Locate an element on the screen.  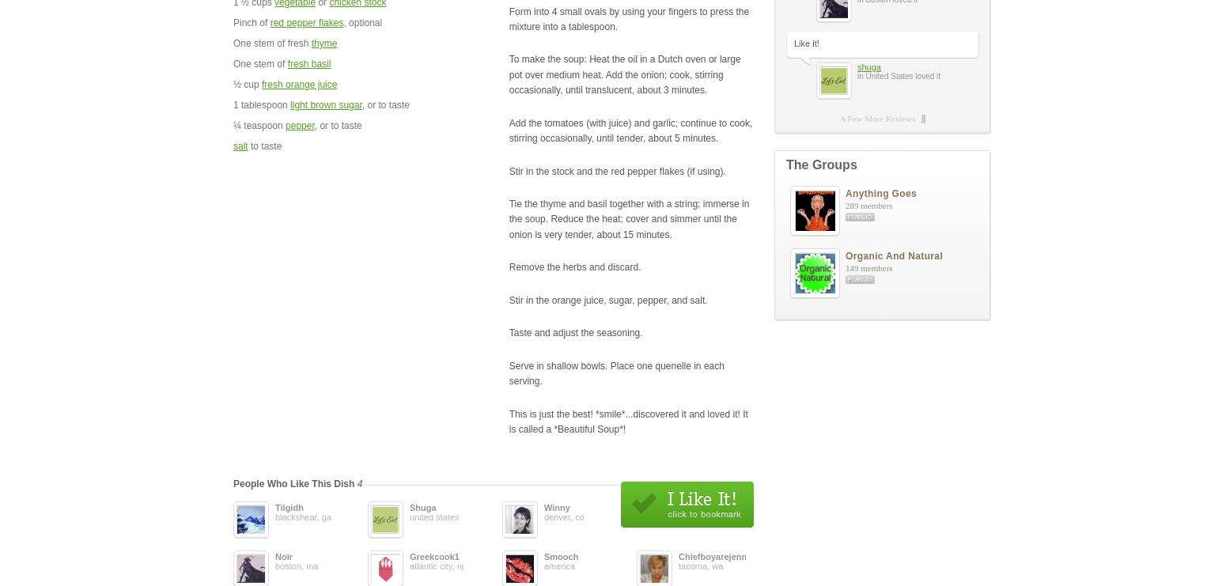
'Stir in the stock and the red pepper flakes (if using).' is located at coordinates (615, 171).